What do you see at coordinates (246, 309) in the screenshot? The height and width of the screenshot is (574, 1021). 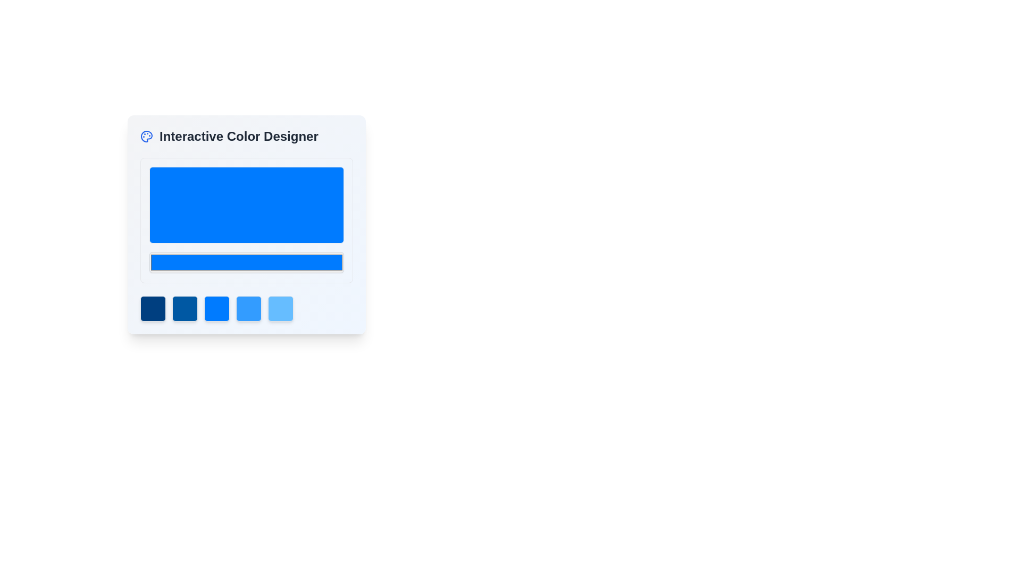 I see `the fourth square button from the left in the horizontal array of buttons, which is lighter in color, located in the 'Interactive Color Designer' section` at bounding box center [246, 309].